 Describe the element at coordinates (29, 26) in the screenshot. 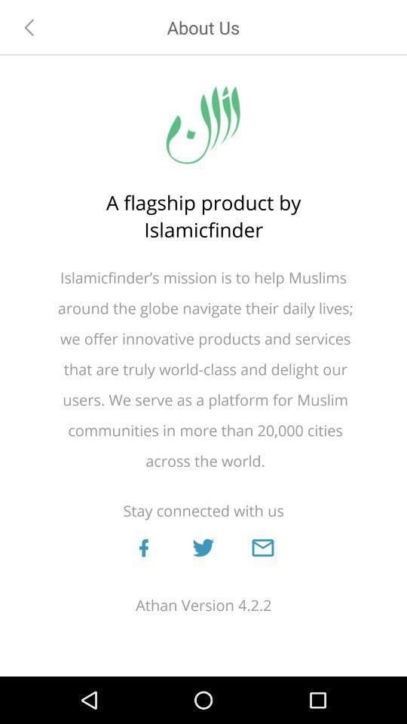

I see `go back` at that location.